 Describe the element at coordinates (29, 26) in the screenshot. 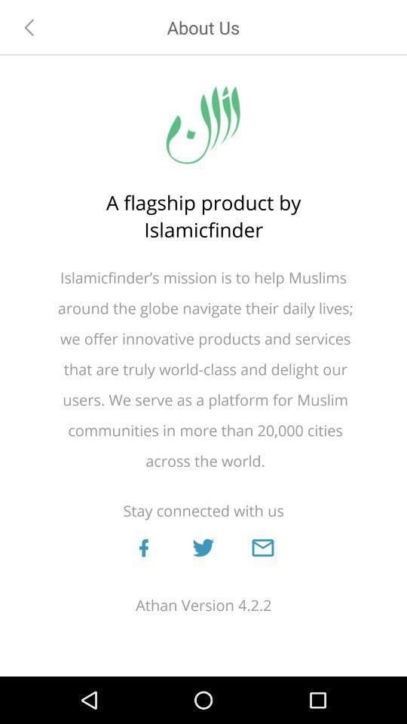

I see `go back` at that location.